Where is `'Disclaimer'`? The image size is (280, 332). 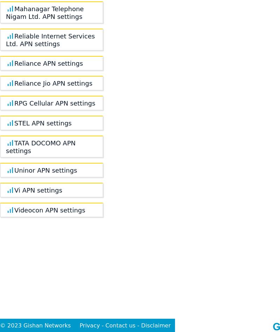 'Disclaimer' is located at coordinates (155, 325).